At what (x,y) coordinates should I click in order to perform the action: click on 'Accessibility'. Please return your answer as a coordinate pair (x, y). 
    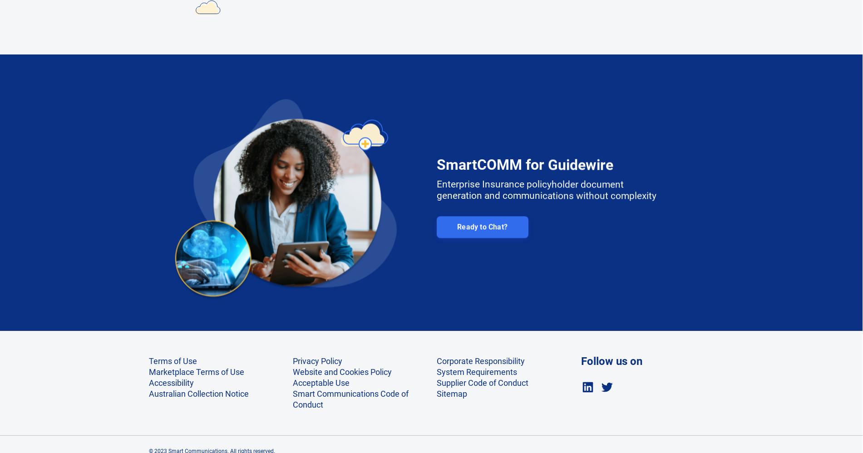
    Looking at the image, I should click on (170, 382).